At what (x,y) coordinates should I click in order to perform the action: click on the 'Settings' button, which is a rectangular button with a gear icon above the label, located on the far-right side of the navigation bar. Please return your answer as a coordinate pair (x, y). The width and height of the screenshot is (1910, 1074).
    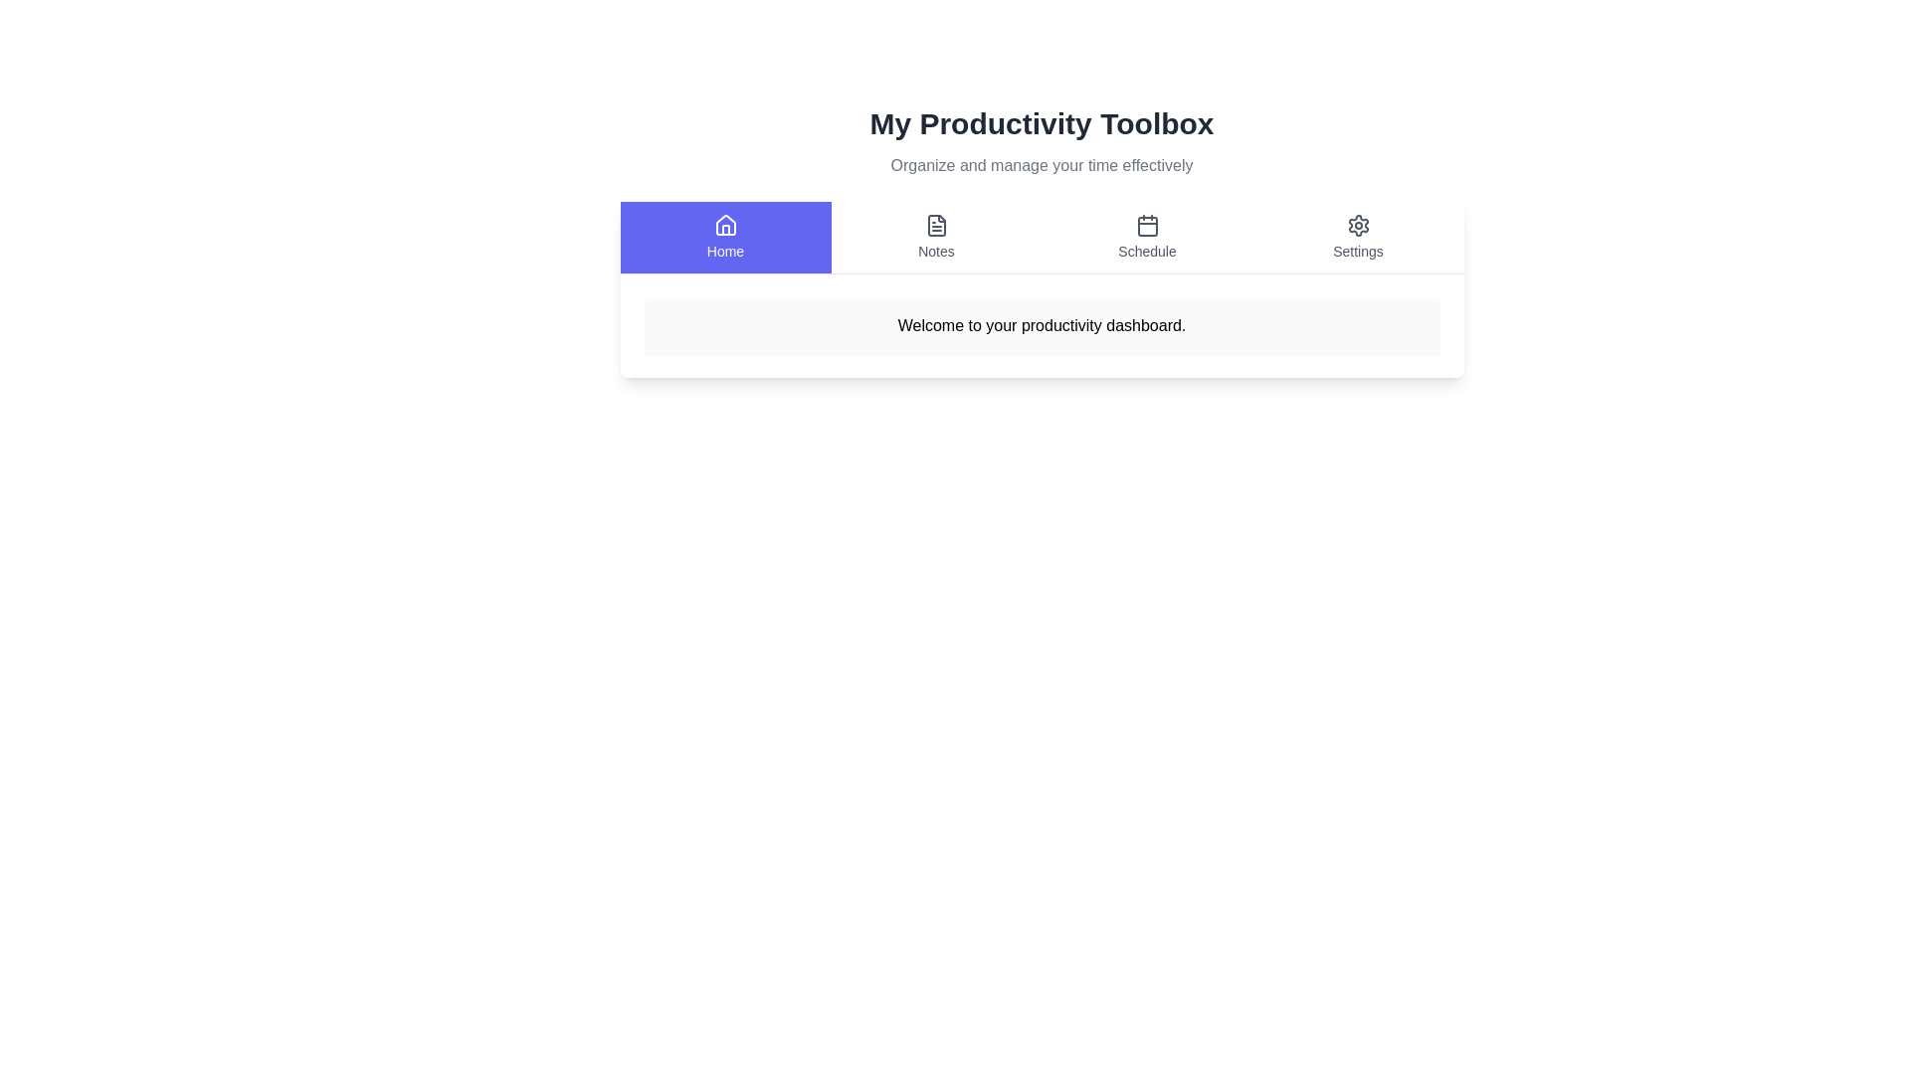
    Looking at the image, I should click on (1357, 237).